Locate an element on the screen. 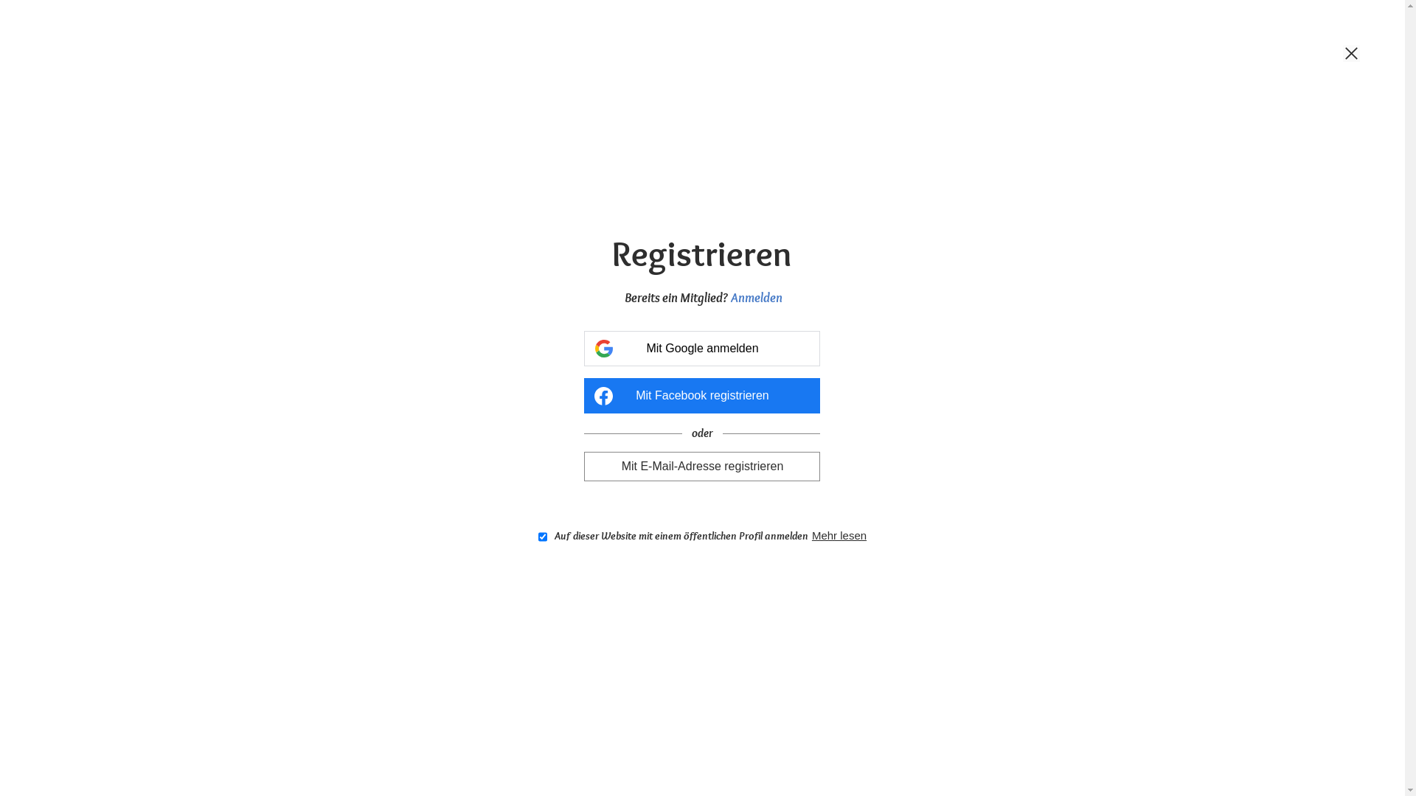  'Mit E-Mail-Adresse registrieren' is located at coordinates (701, 466).